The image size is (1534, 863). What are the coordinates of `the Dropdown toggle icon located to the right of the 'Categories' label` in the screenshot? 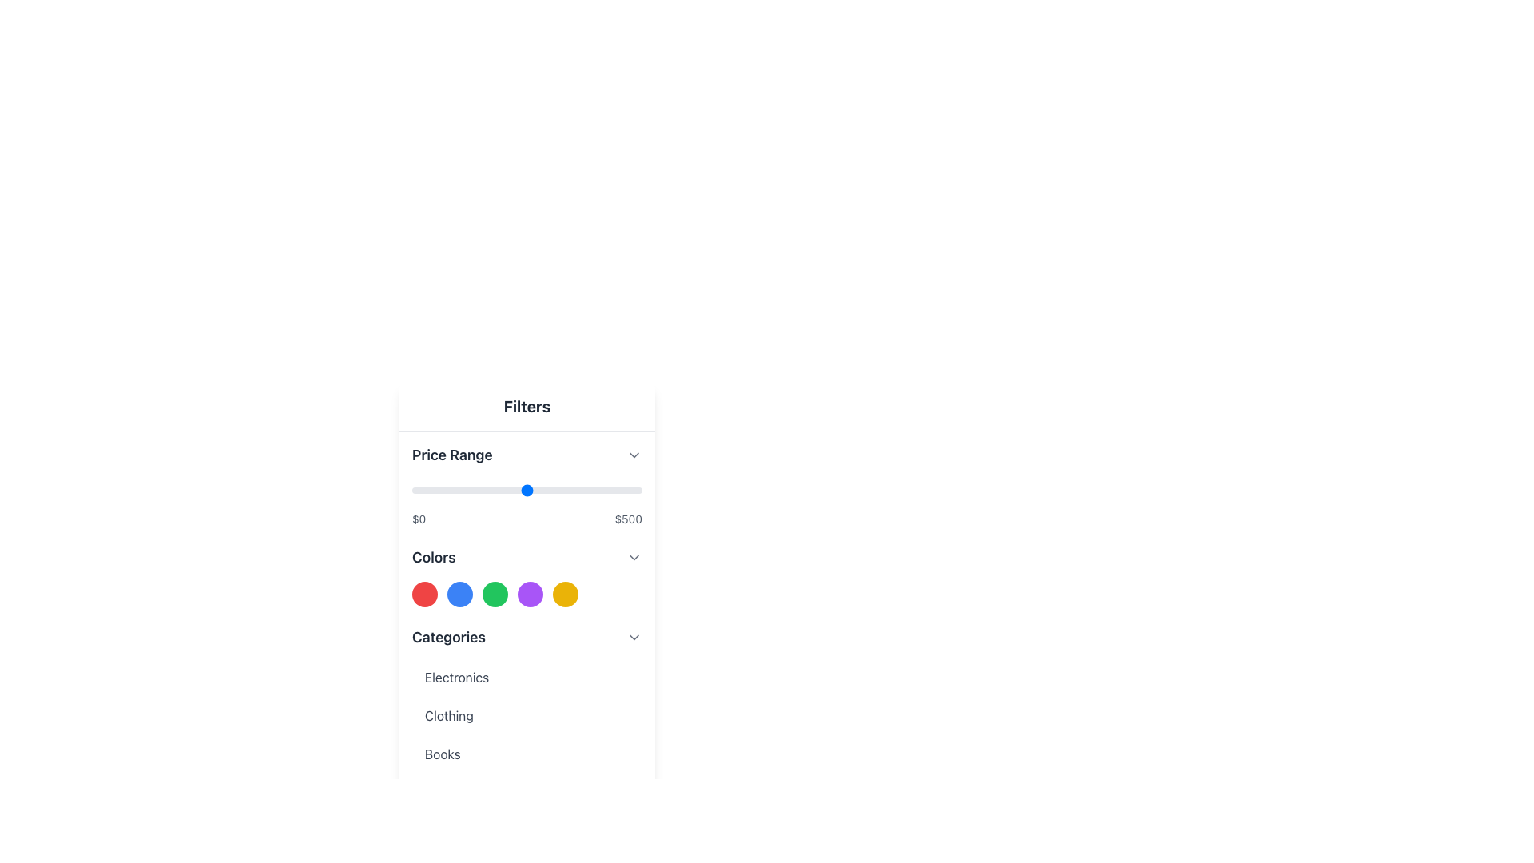 It's located at (633, 637).